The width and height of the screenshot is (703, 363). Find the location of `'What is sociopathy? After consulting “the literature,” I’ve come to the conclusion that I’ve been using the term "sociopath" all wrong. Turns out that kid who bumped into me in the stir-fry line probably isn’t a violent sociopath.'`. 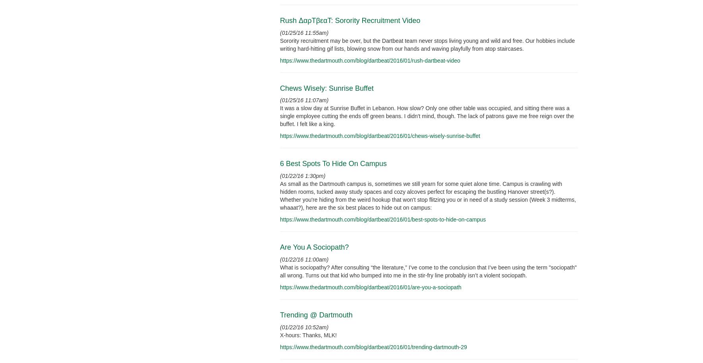

'What is sociopathy? After consulting “the literature,” I’ve come to the conclusion that I’ve been using the term "sociopath" all wrong. Turns out that kid who bumped into me in the stir-fry line probably isn’t a violent sociopath.' is located at coordinates (428, 271).